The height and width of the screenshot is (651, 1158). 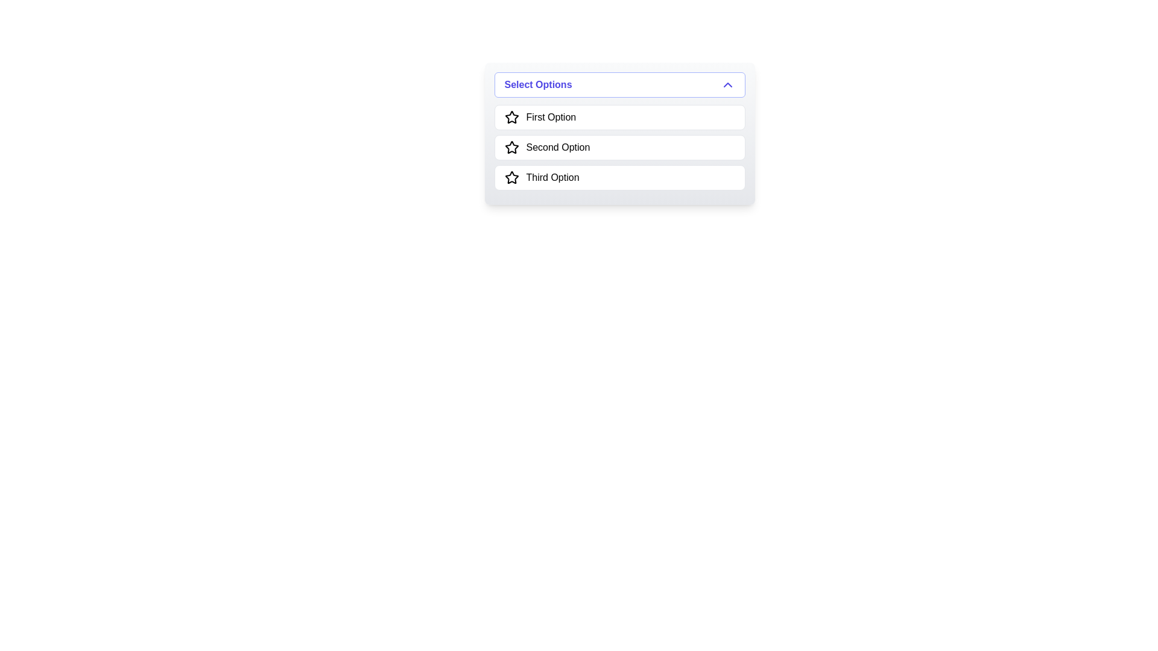 I want to click on the icon representing the third option in the dropdown list, located to the left of the 'Third Option' label text, so click(x=511, y=177).